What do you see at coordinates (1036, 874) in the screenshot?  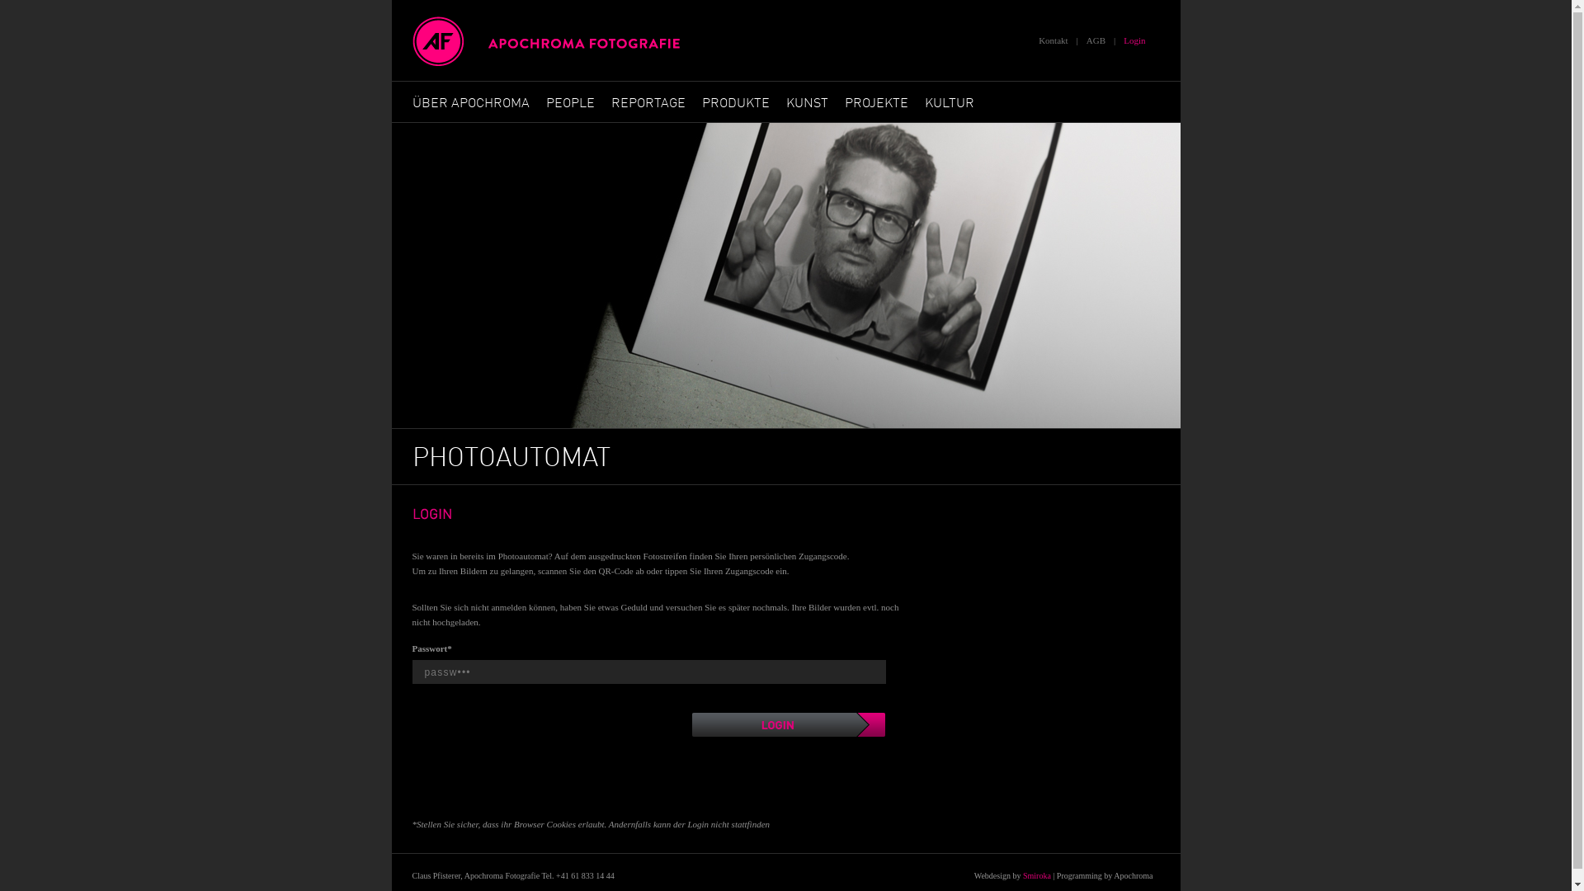 I see `'Smiroka'` at bounding box center [1036, 874].